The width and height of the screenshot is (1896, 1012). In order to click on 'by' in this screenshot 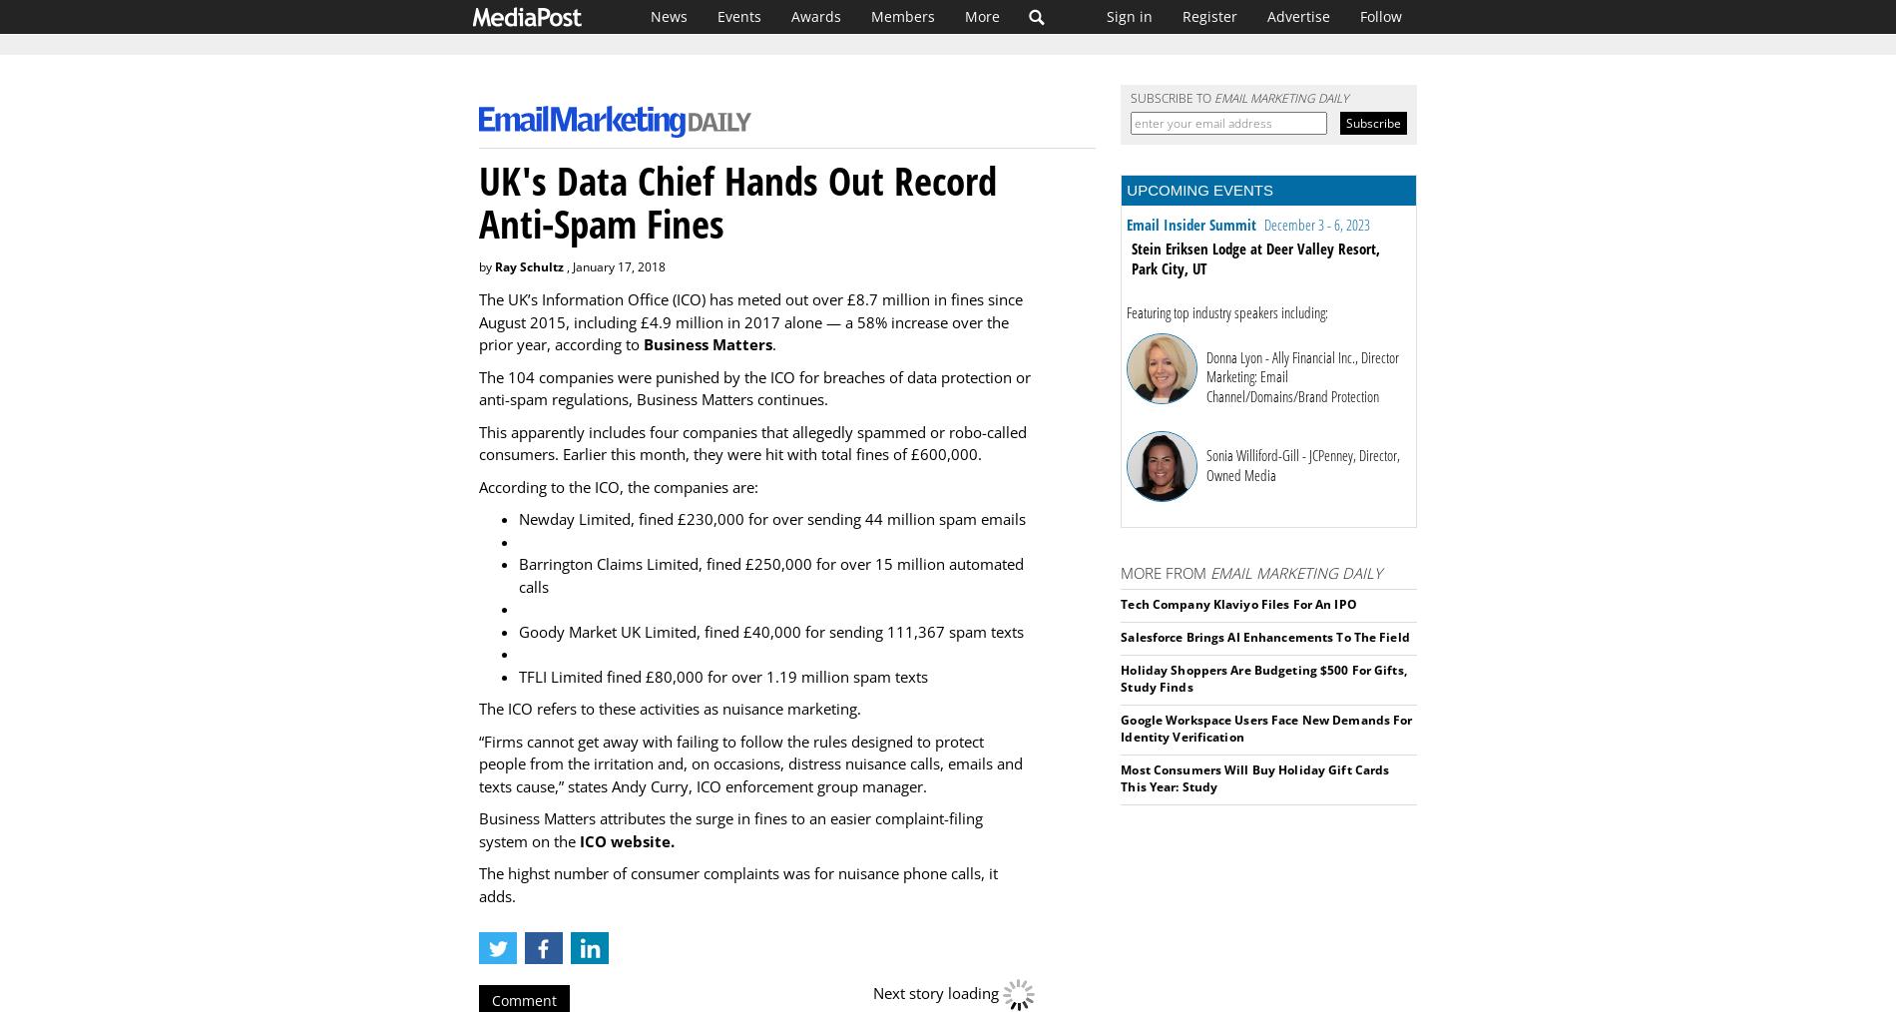, I will do `click(486, 266)`.